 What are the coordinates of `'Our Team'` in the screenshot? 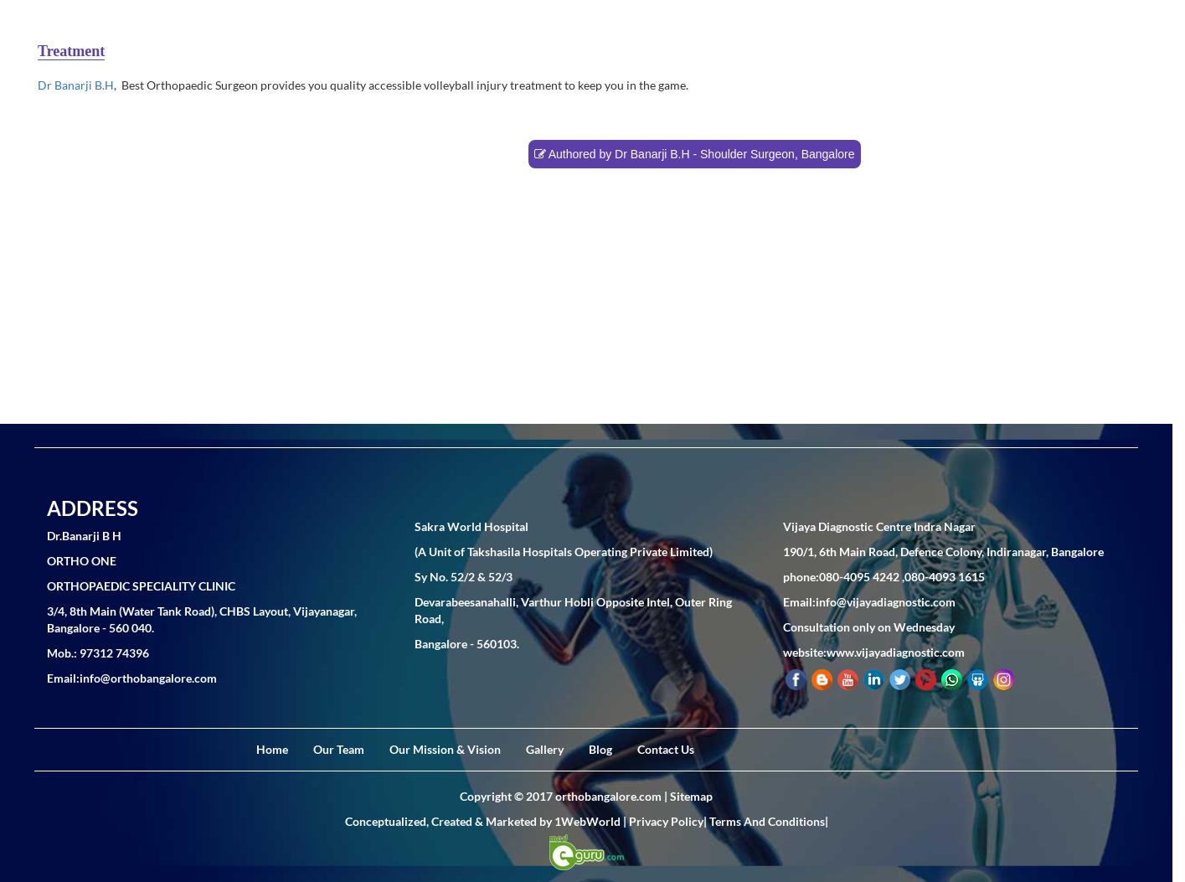 It's located at (337, 748).